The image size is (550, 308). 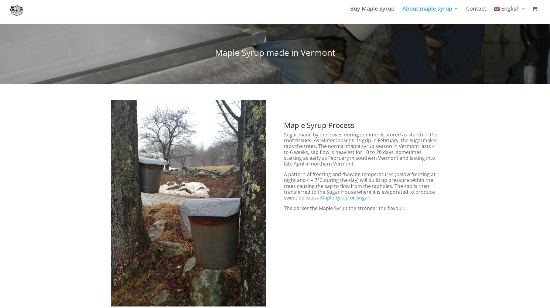 I want to click on 'About maple syrup', so click(x=427, y=12).